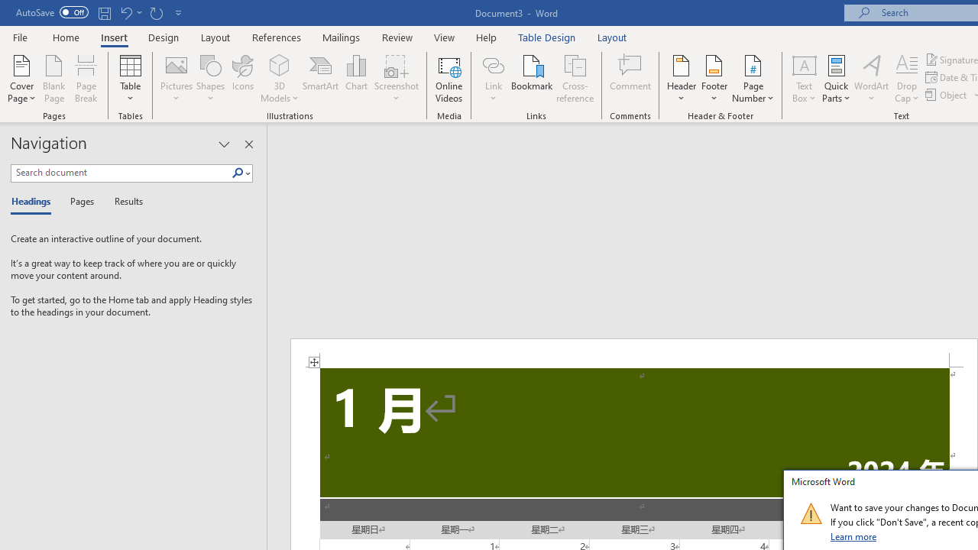  Describe the element at coordinates (907, 79) in the screenshot. I see `'Drop Cap'` at that location.